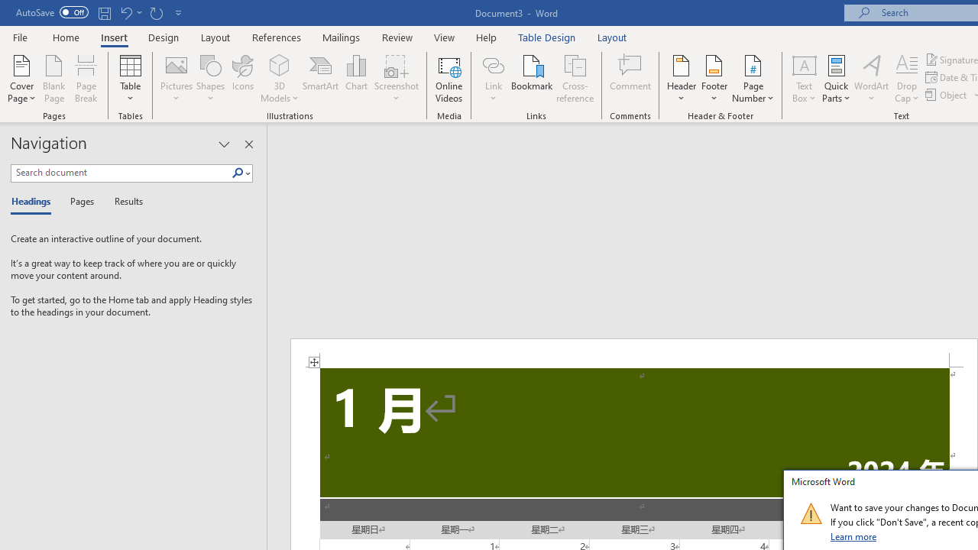  Describe the element at coordinates (907, 79) in the screenshot. I see `'Drop Cap'` at that location.